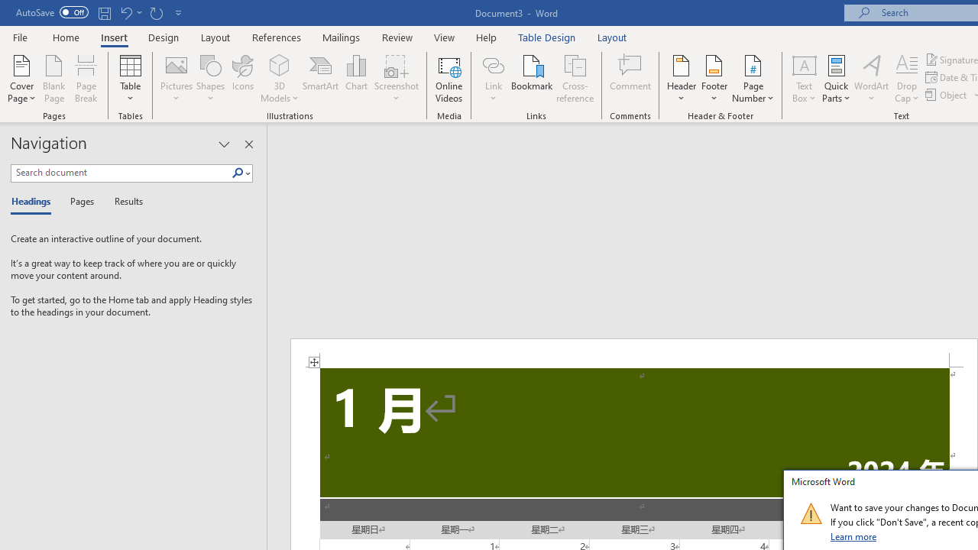  Describe the element at coordinates (907, 79) in the screenshot. I see `'Drop Cap'` at that location.